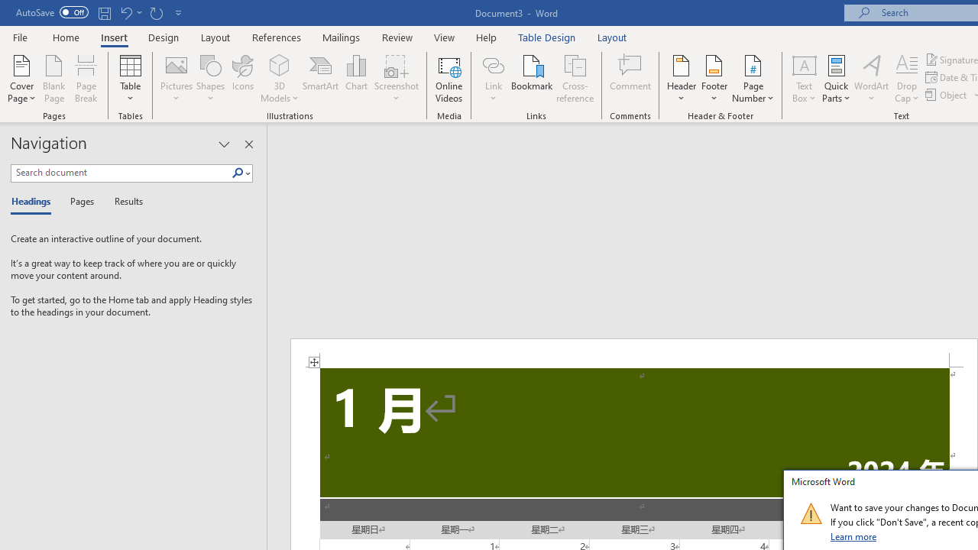  Describe the element at coordinates (907, 79) in the screenshot. I see `'Drop Cap'` at that location.